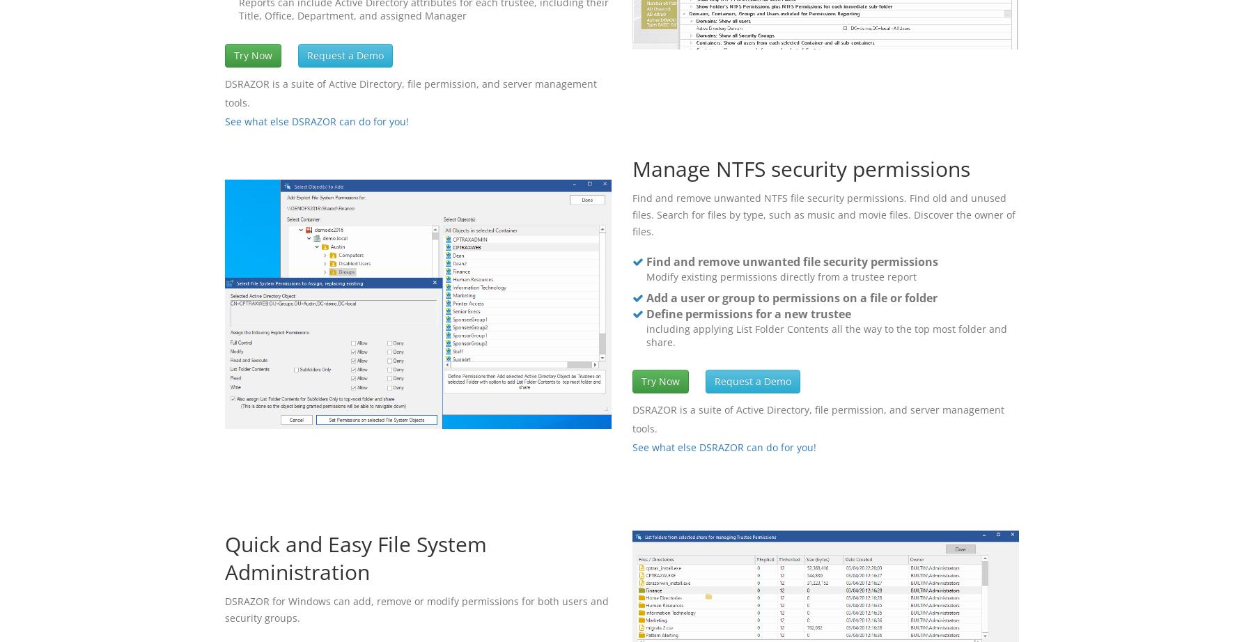 This screenshot has width=1244, height=642. What do you see at coordinates (780, 275) in the screenshot?
I see `'Modify existing permissions directly from a trustee report'` at bounding box center [780, 275].